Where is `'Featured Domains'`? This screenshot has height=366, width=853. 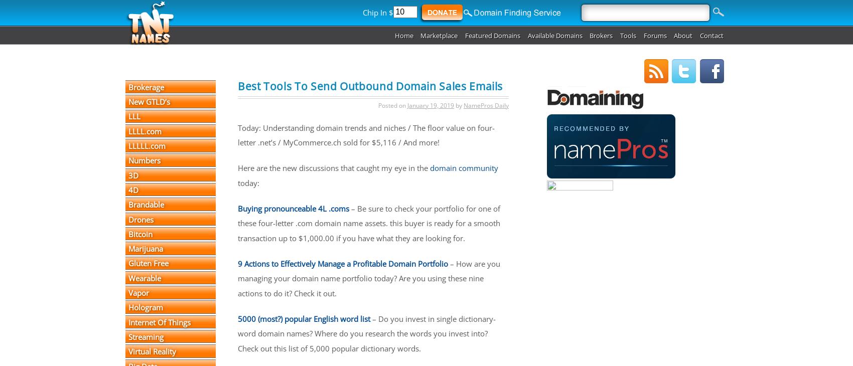 'Featured Domains' is located at coordinates (492, 35).